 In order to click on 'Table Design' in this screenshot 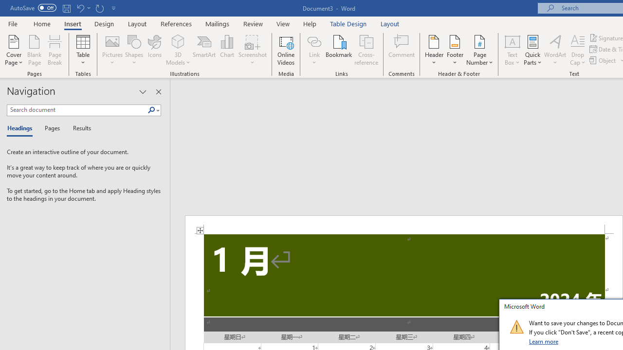, I will do `click(348, 23)`.